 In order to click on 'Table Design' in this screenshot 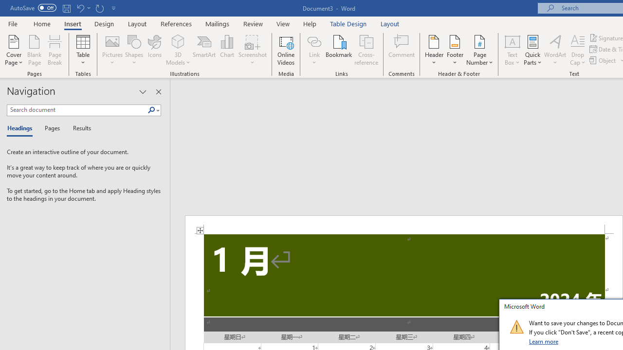, I will do `click(348, 23)`.